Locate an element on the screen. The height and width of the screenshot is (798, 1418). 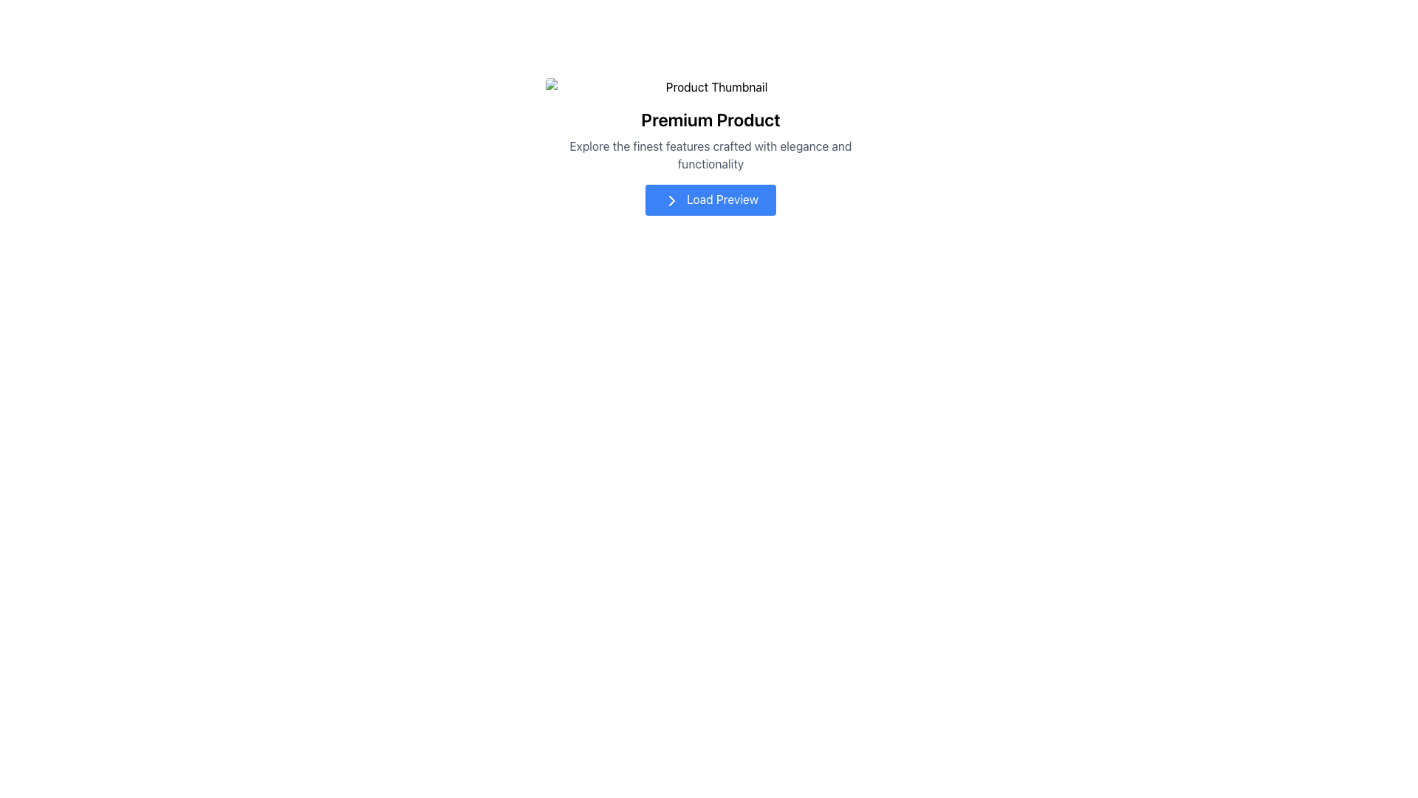
descriptive information of the Text Block titled 'Premium Product', which includes the text 'Explore the finest features crafted with elegance and functionality' is located at coordinates (710, 124).